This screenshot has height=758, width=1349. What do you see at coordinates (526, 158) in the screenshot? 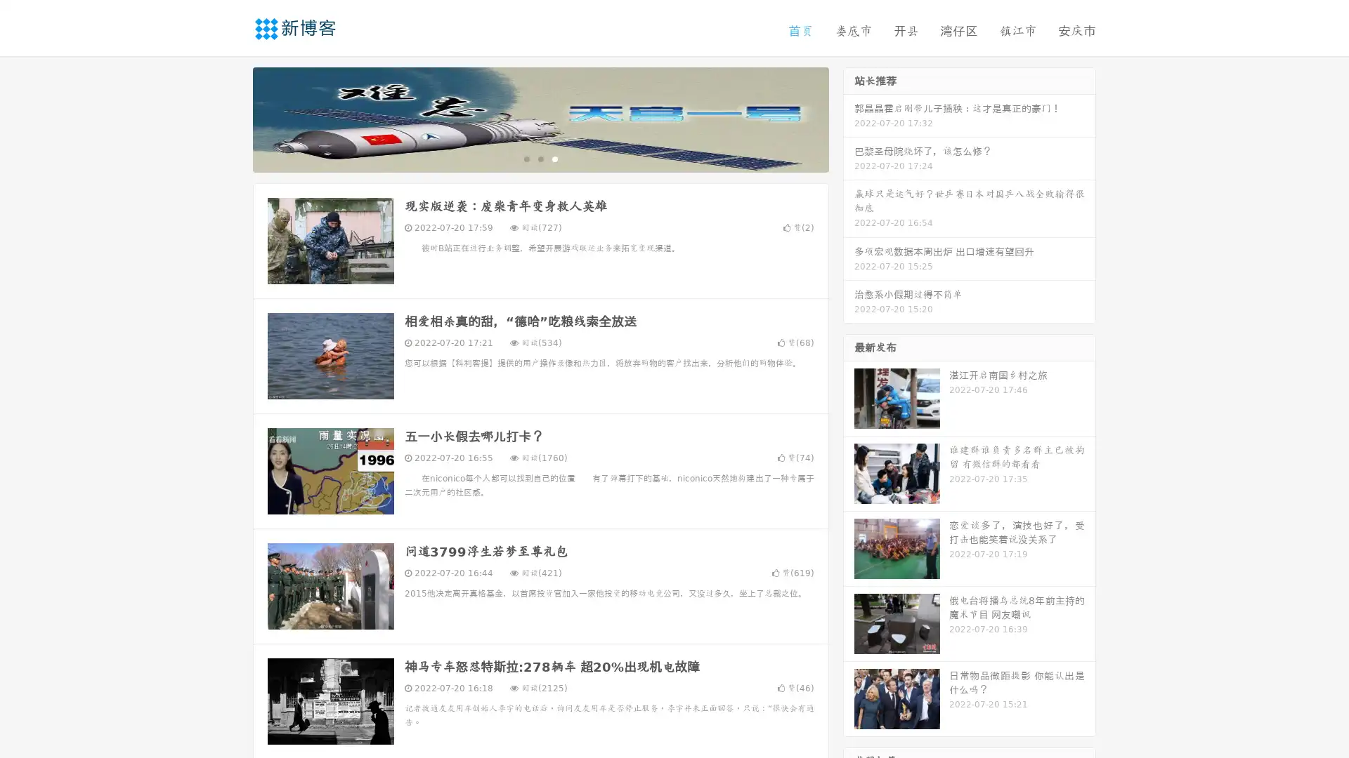
I see `Go to slide 1` at bounding box center [526, 158].